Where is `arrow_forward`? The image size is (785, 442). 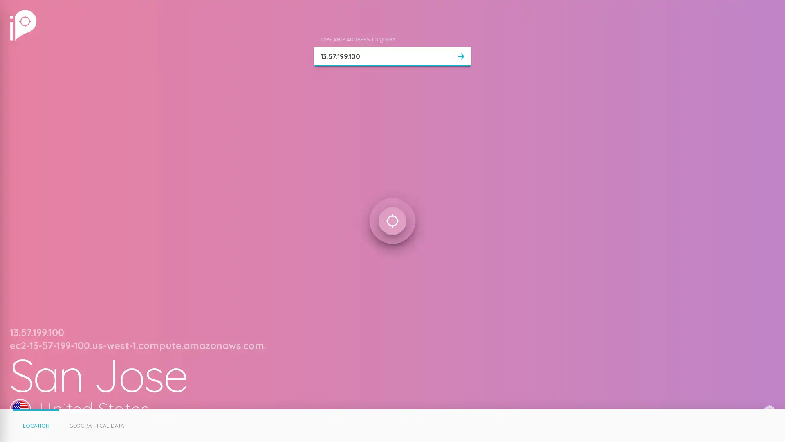
arrow_forward is located at coordinates (461, 56).